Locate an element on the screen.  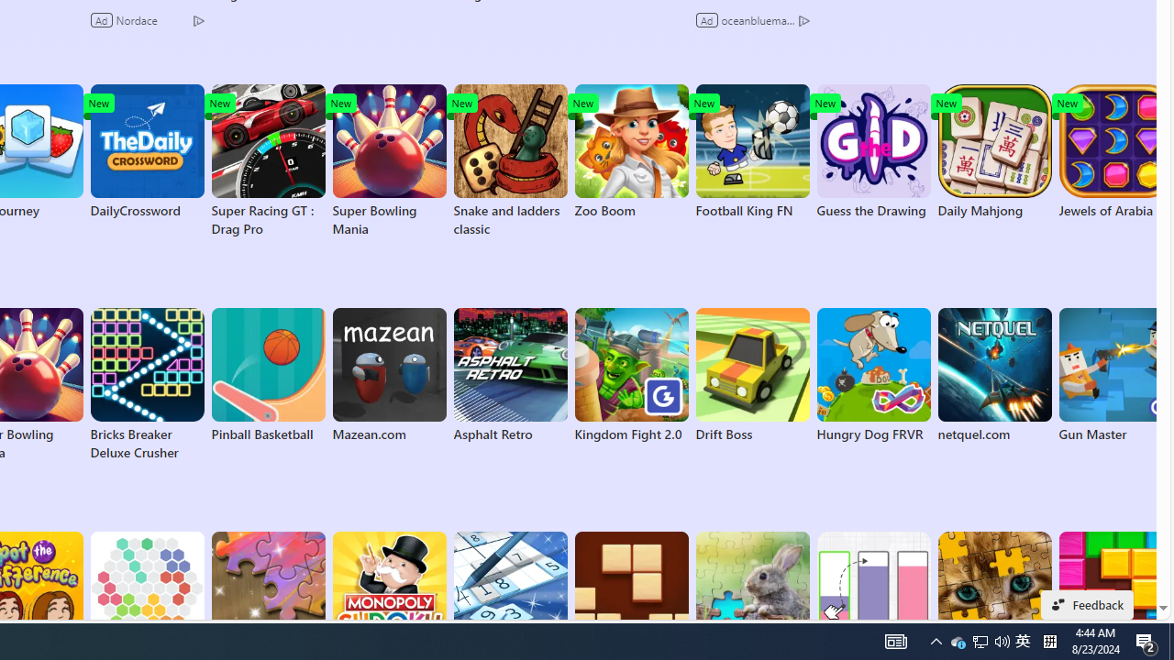
'netquel.com' is located at coordinates (993, 375).